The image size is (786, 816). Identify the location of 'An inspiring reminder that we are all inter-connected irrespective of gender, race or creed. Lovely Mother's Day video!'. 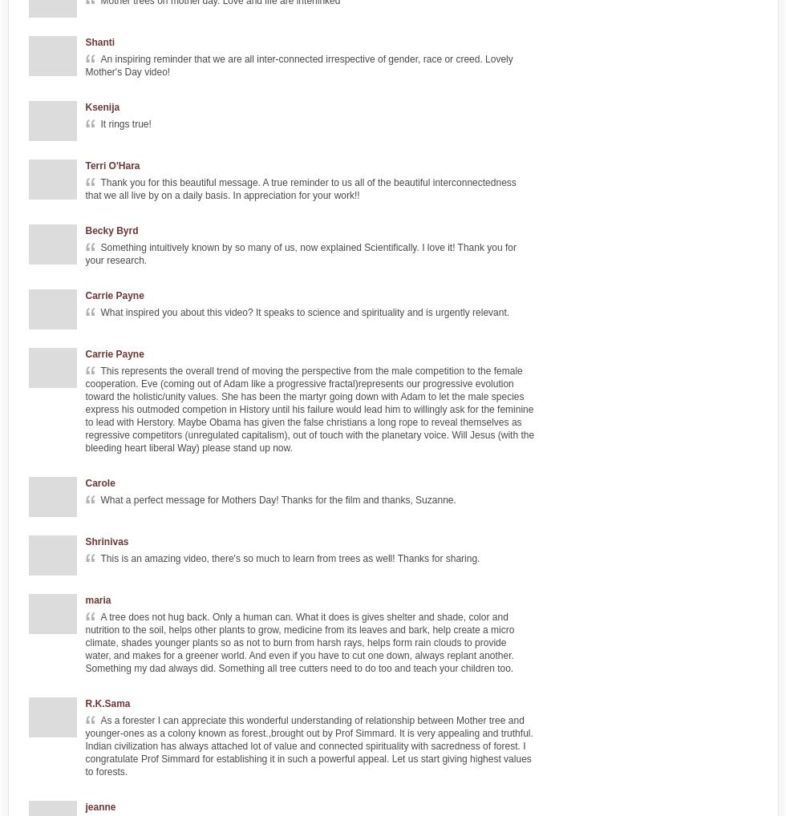
(85, 66).